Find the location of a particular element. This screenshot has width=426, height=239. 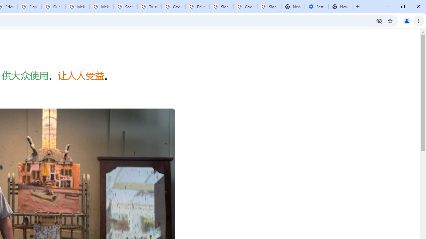

'Bookmark this tab' is located at coordinates (390, 20).